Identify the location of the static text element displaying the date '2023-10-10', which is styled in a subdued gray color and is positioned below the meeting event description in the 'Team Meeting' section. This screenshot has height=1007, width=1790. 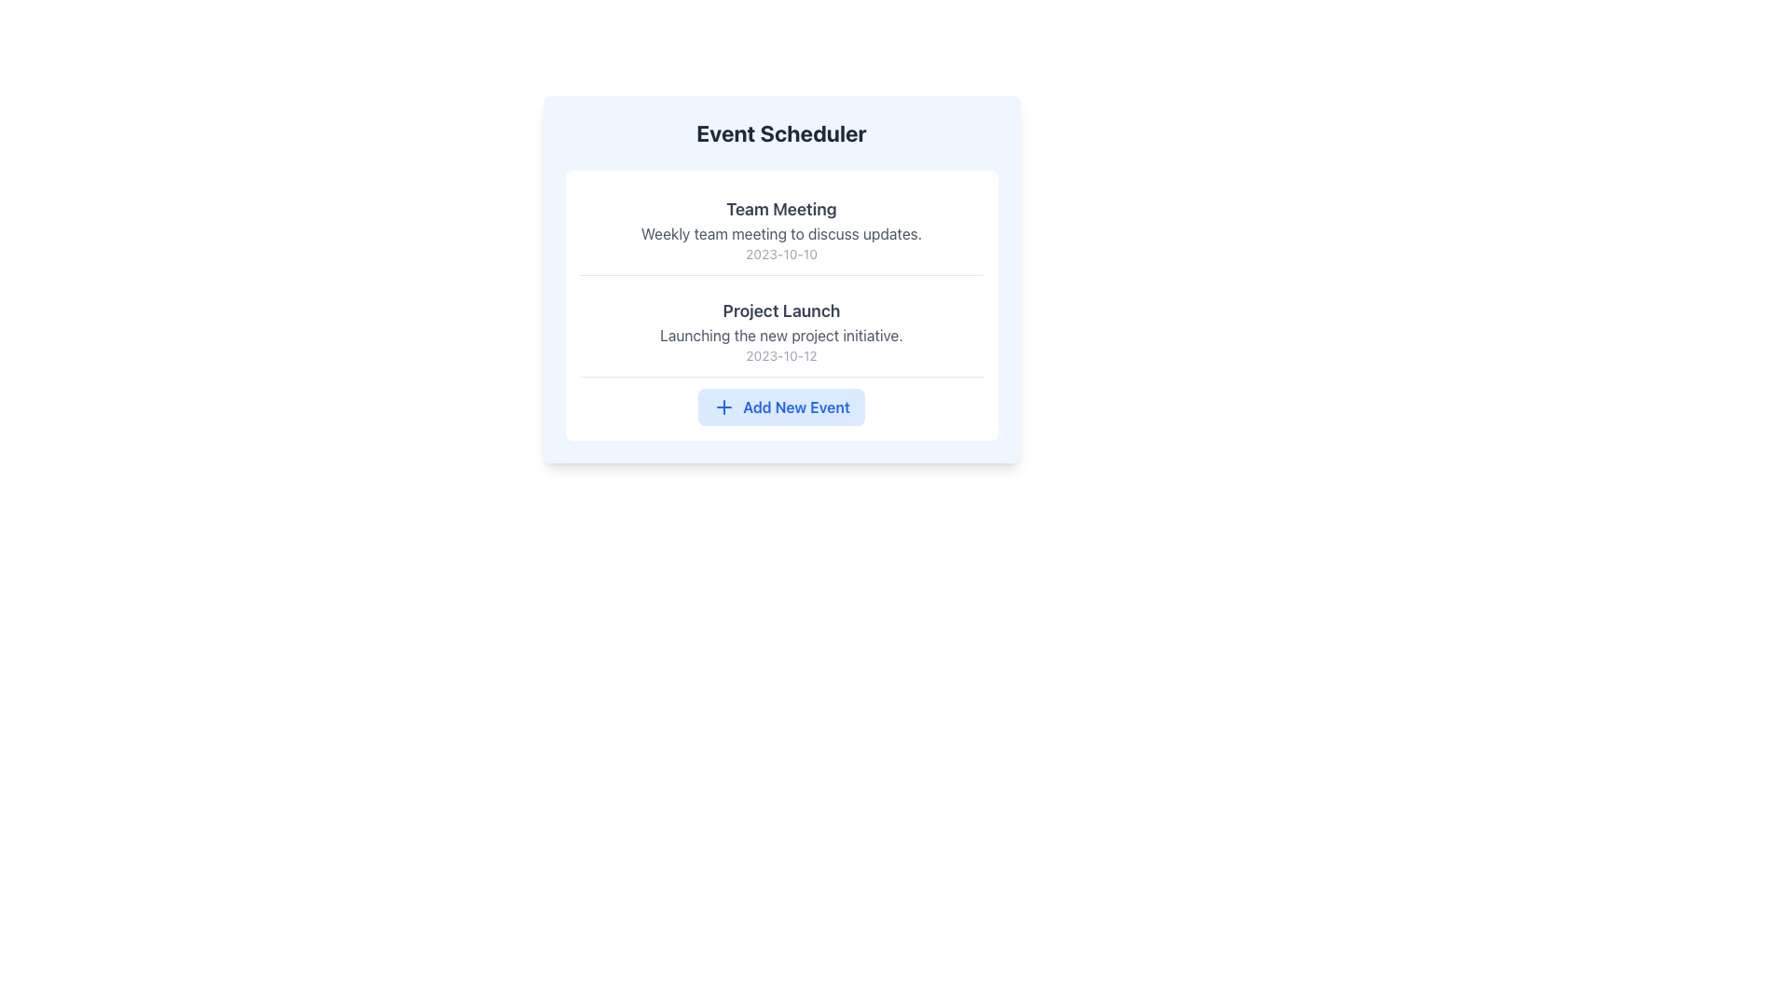
(781, 255).